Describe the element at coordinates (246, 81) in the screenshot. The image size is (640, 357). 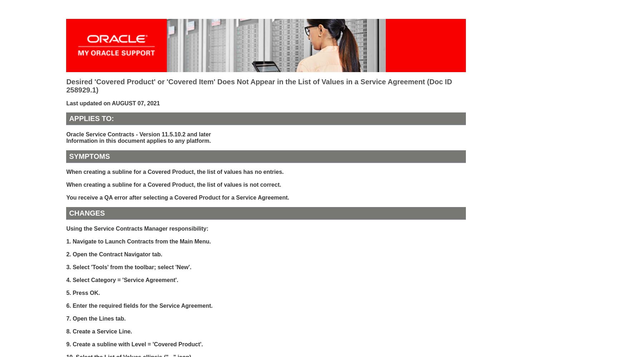
I see `'Desired 'Covered Product' or 'Covered Item' Does Not Appear in the List of Values in a Service Agreement'` at that location.